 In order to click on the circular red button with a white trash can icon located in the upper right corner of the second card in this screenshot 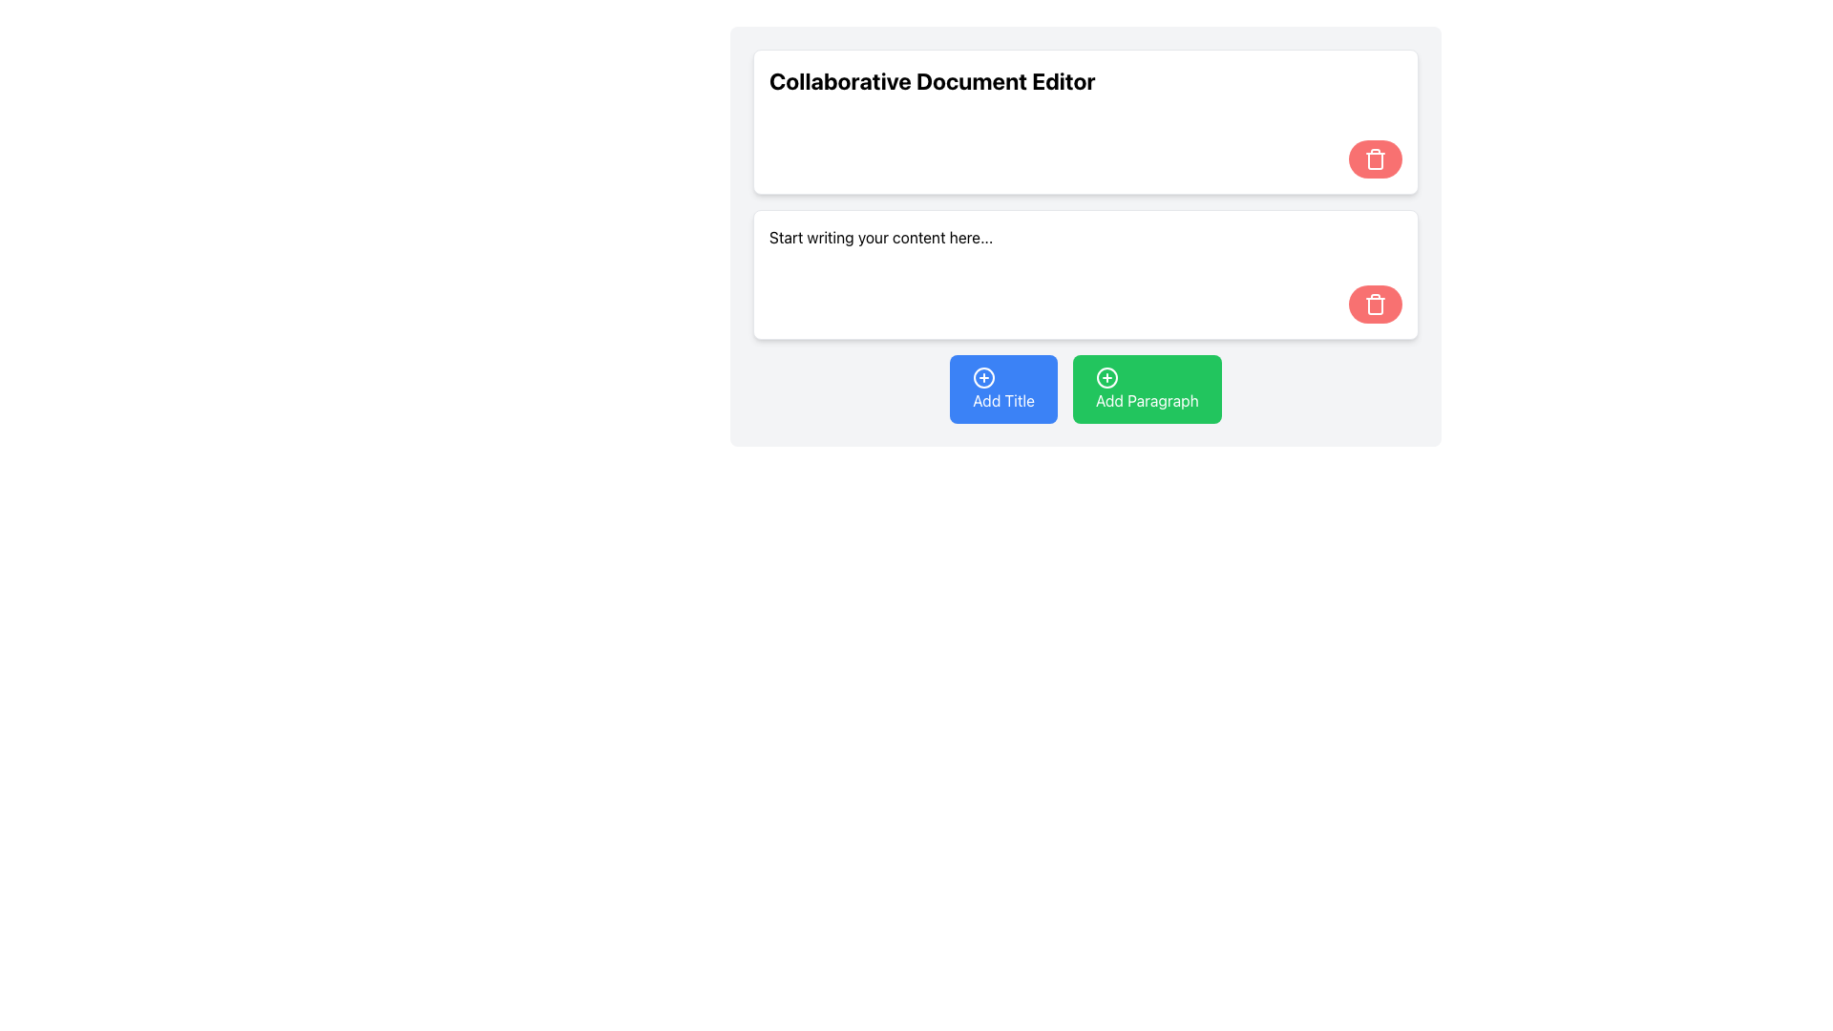, I will do `click(1375, 158)`.